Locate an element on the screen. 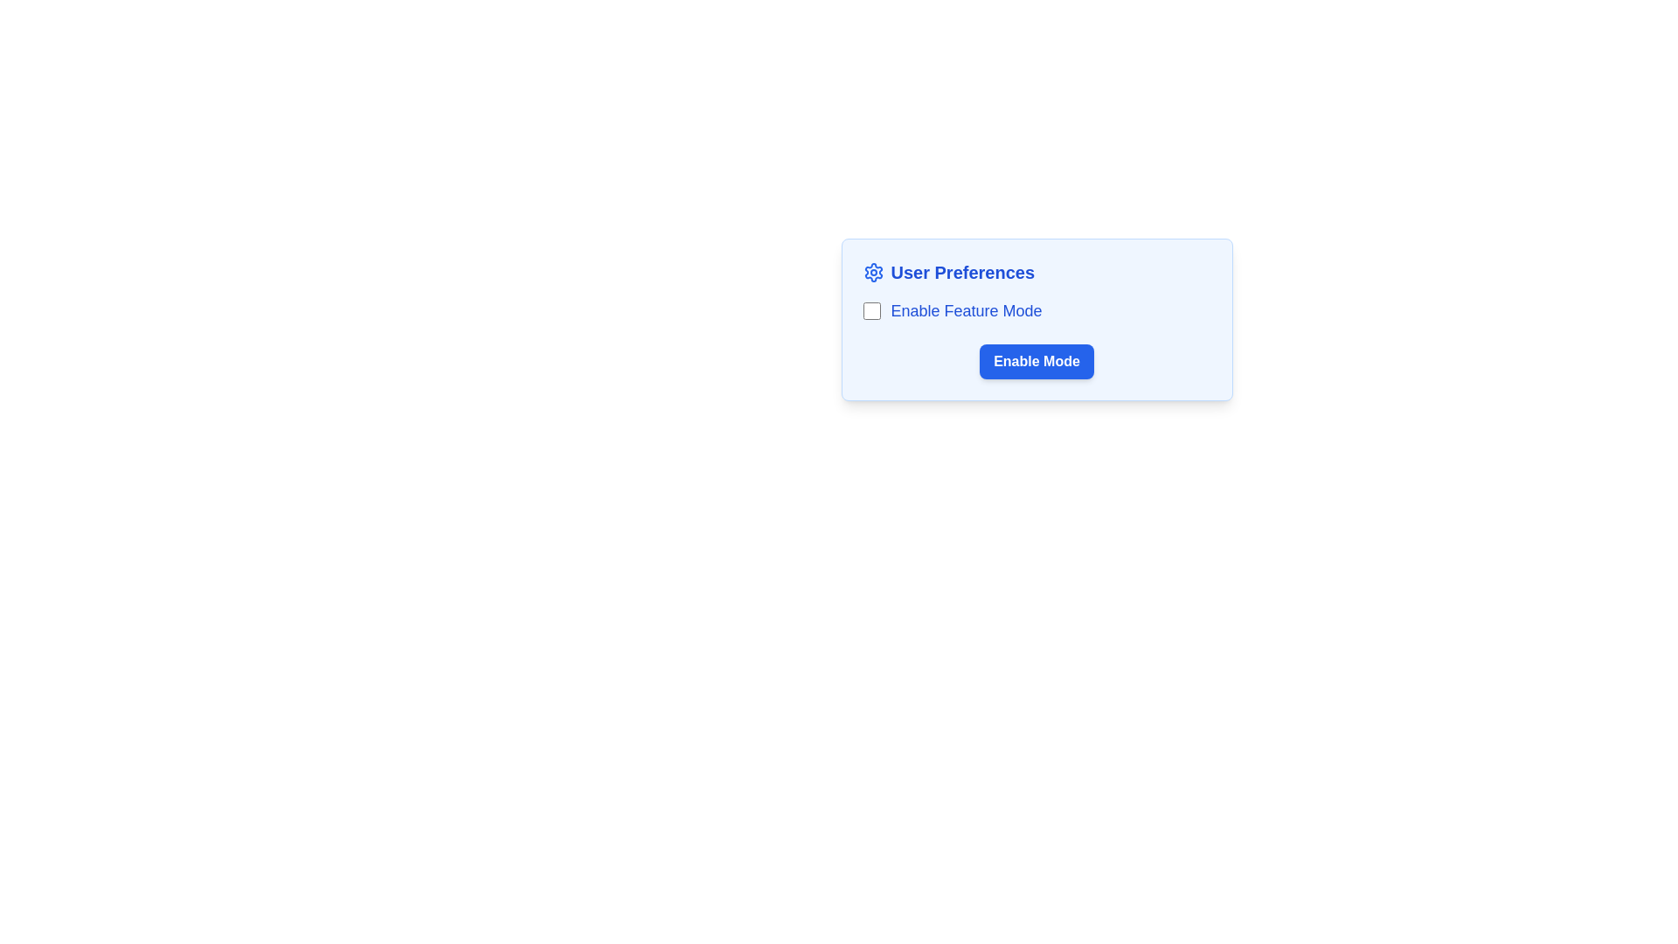 This screenshot has width=1678, height=944. the checkbox for enabling or disabling the feature mode is located at coordinates (871, 309).